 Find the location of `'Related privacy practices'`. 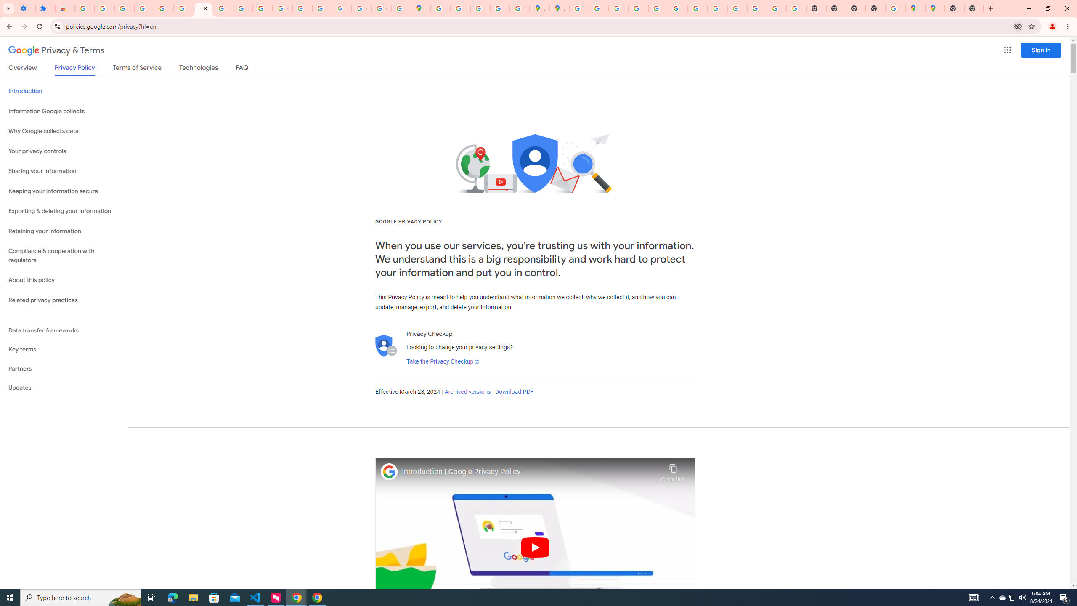

'Related privacy practices' is located at coordinates (64, 300).